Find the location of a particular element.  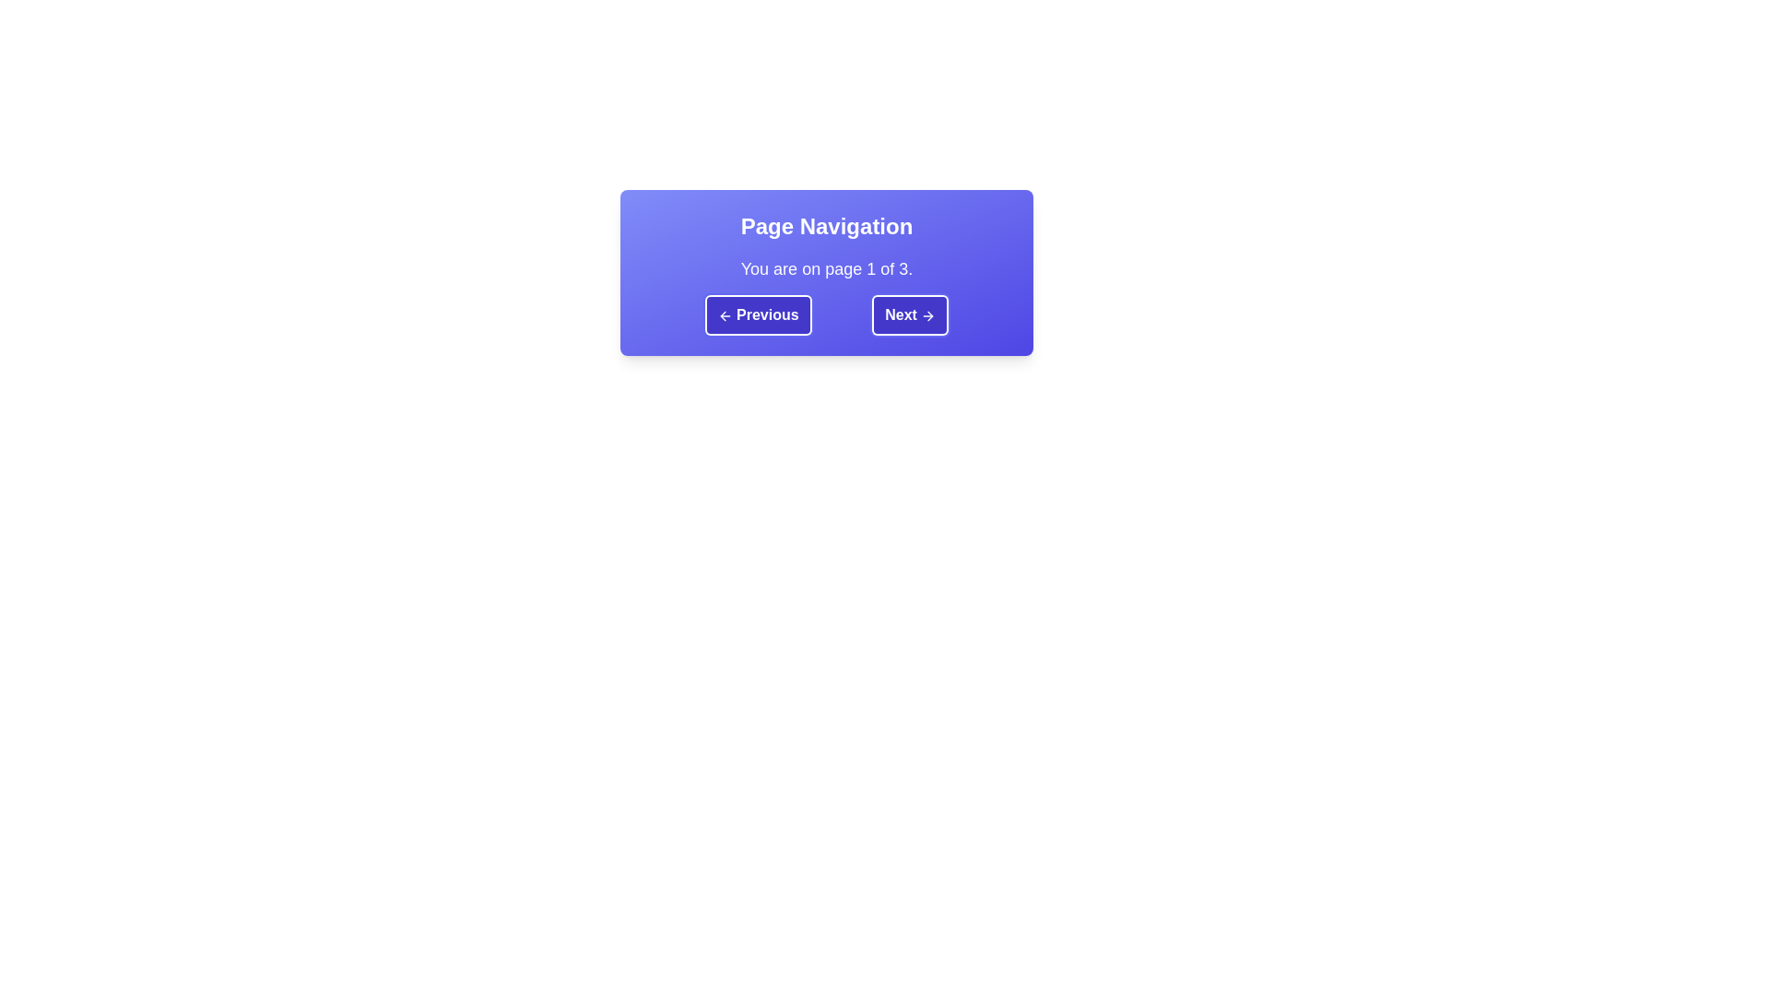

the left arrow icon within the 'Previous' button located in the navigation panel is located at coordinates (722, 314).